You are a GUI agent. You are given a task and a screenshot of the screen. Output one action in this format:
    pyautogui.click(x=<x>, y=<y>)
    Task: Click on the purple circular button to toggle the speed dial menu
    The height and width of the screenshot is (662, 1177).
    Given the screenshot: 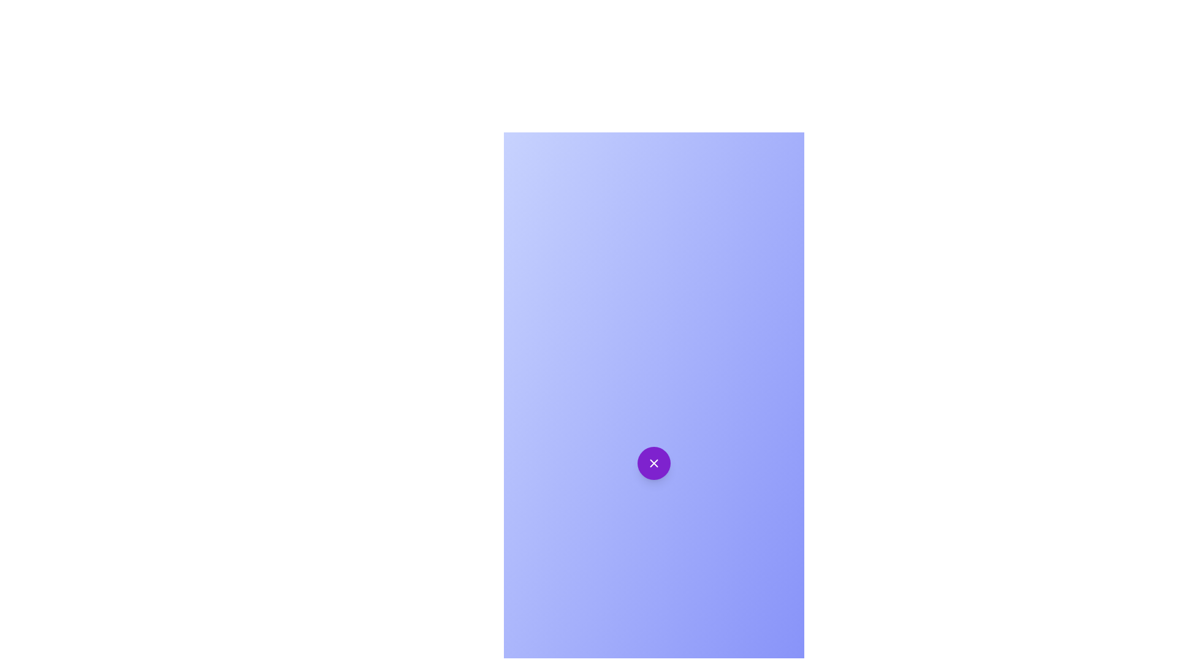 What is the action you would take?
    pyautogui.click(x=653, y=463)
    